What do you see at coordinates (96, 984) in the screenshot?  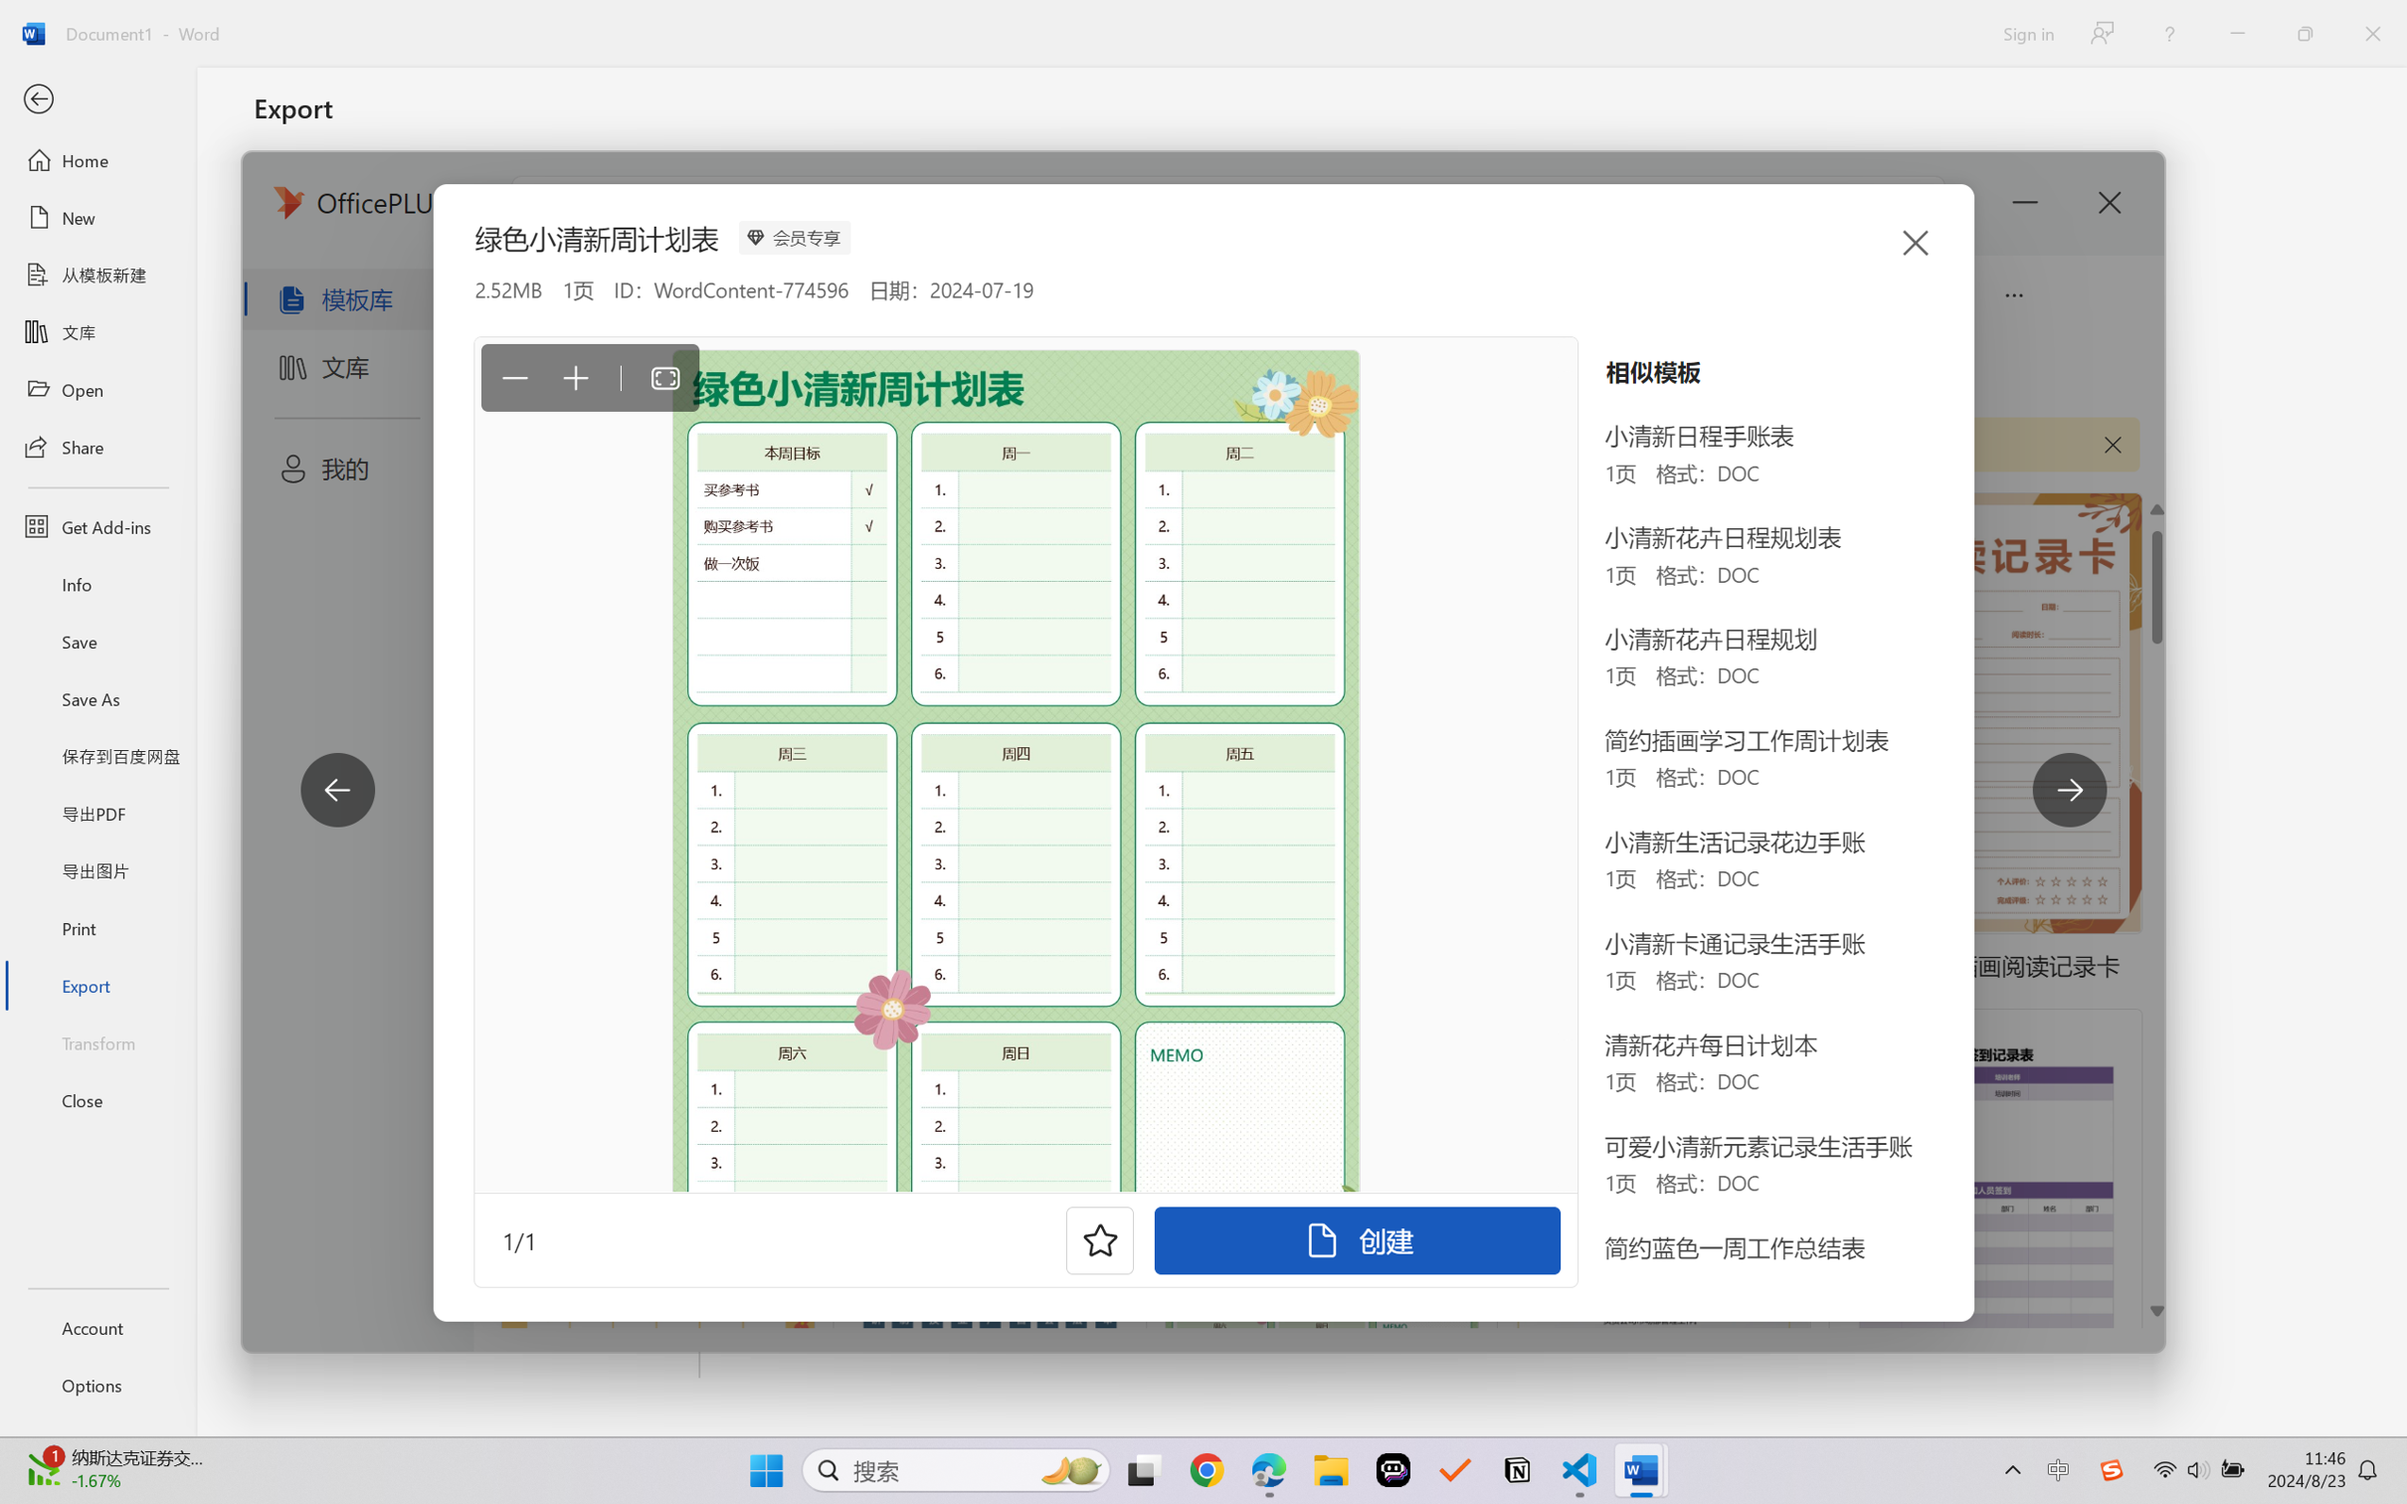 I see `'Export'` at bounding box center [96, 984].